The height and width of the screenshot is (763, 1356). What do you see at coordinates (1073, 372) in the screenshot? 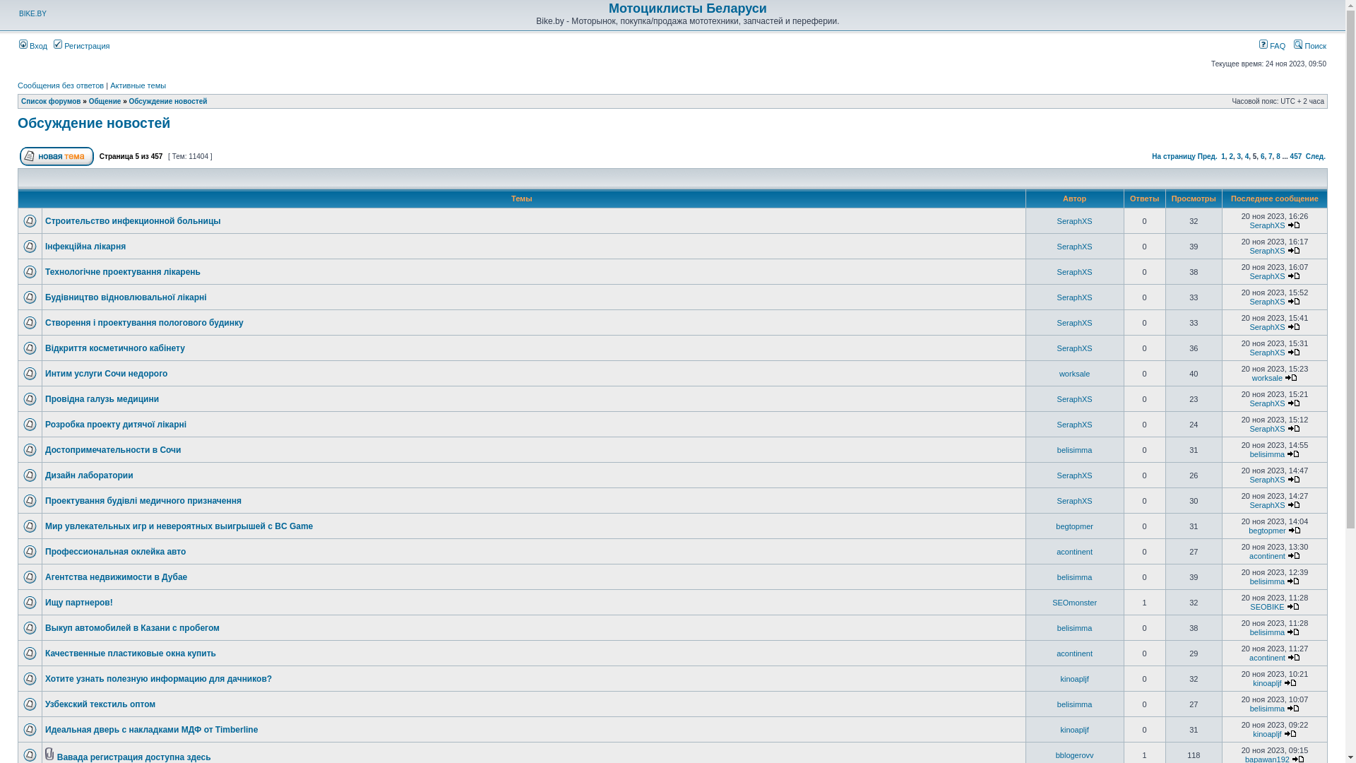
I see `'worksale'` at bounding box center [1073, 372].